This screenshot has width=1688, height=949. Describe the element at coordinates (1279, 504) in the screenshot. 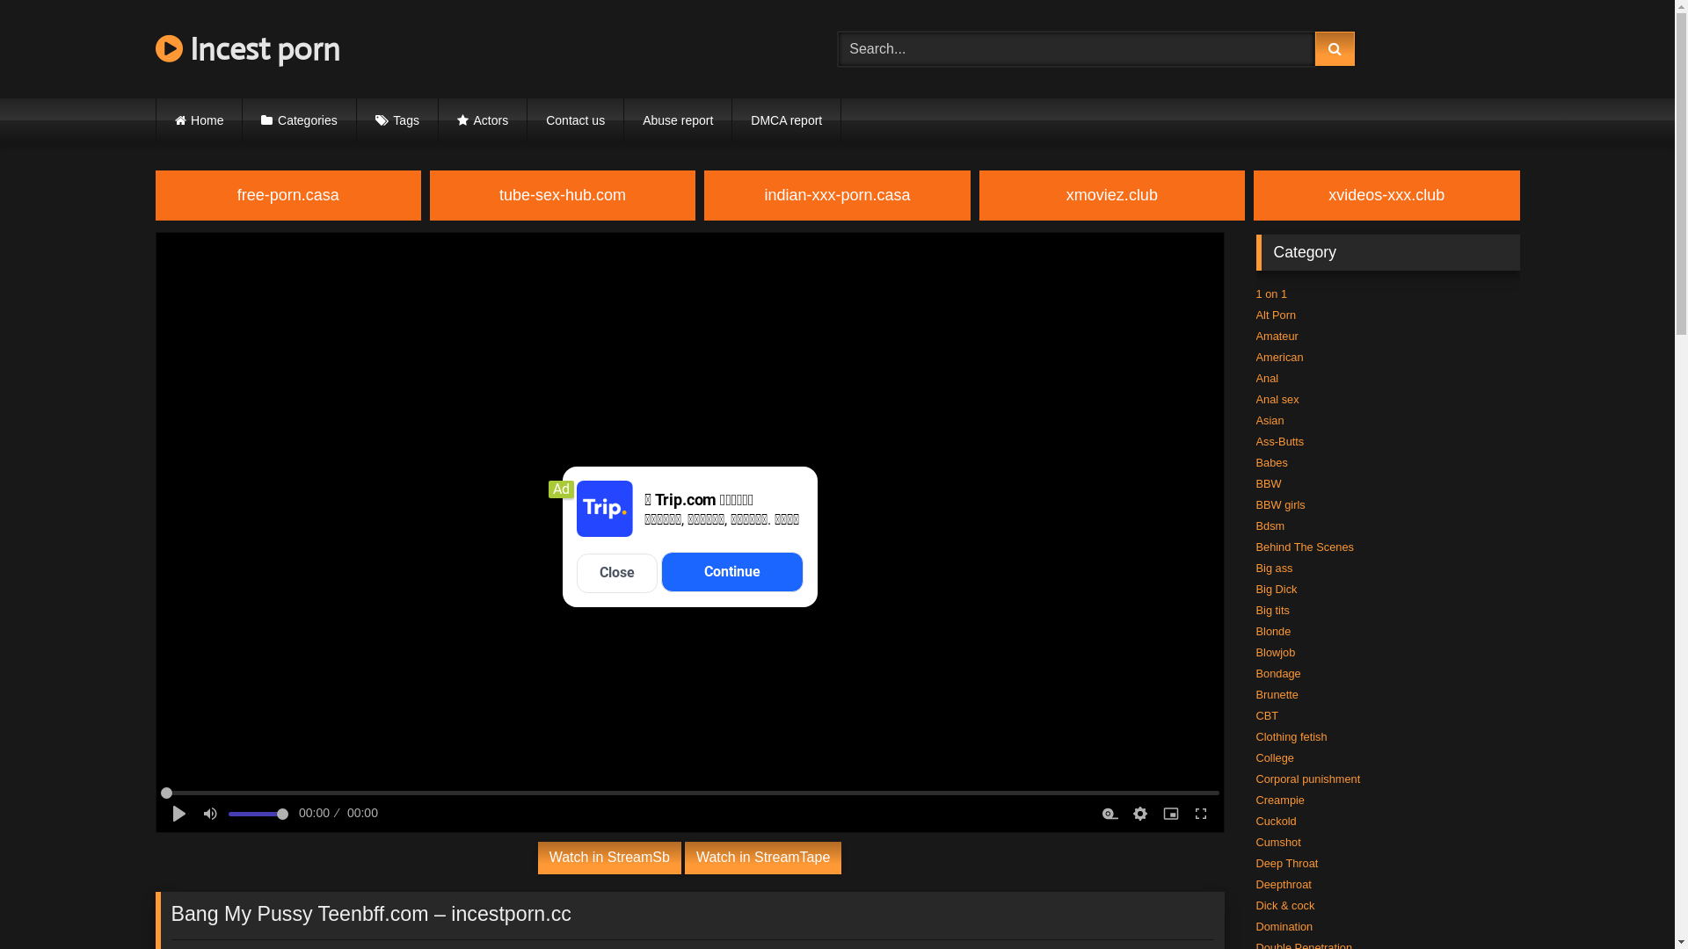

I see `'BBW girls'` at that location.